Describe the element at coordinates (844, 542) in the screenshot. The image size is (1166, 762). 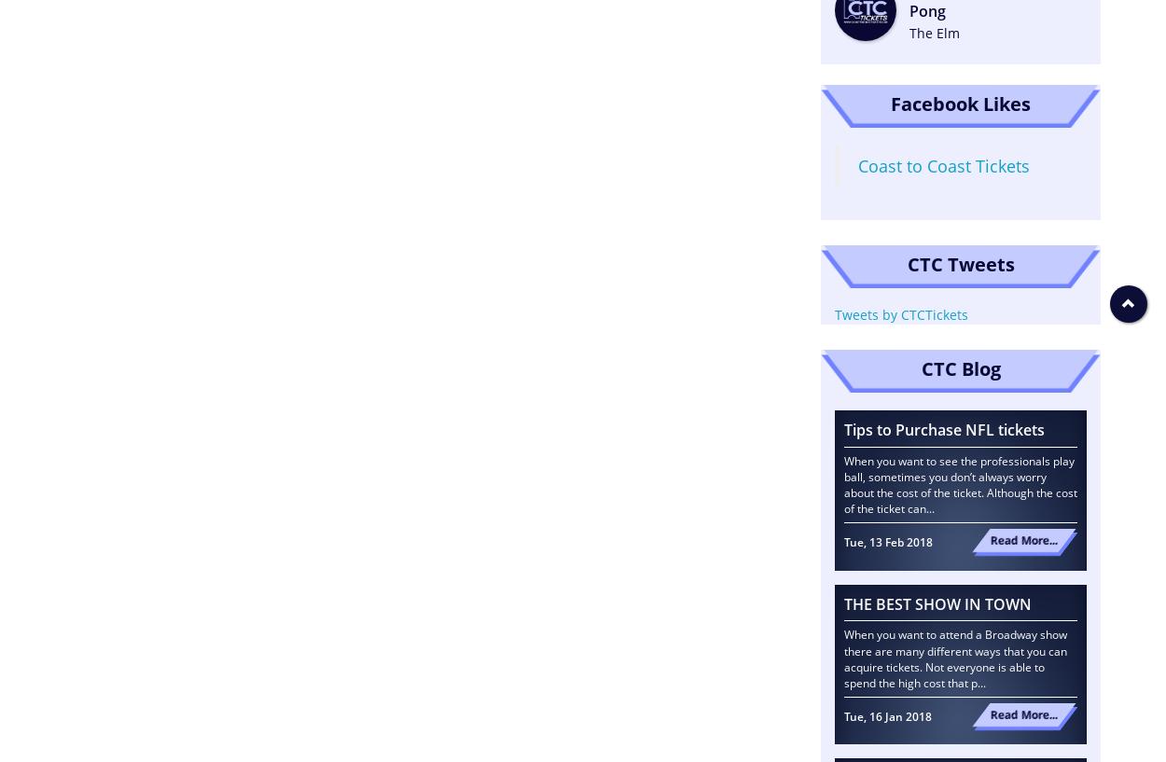
I see `'Tue, 13 Feb 2018'` at that location.